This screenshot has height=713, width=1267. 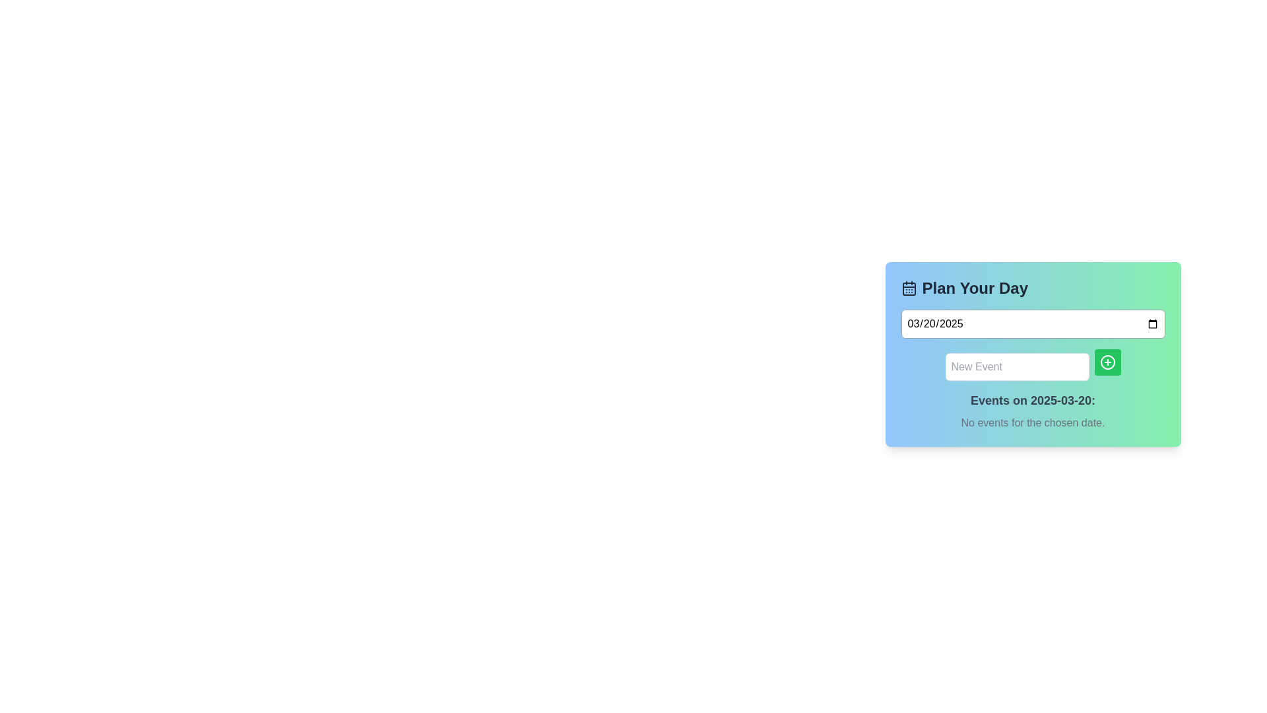 I want to click on the calendar icon located in the top-left corner of the 'Plan Your Day' section, which features a simplistic outline and rounded corners, so click(x=908, y=287).